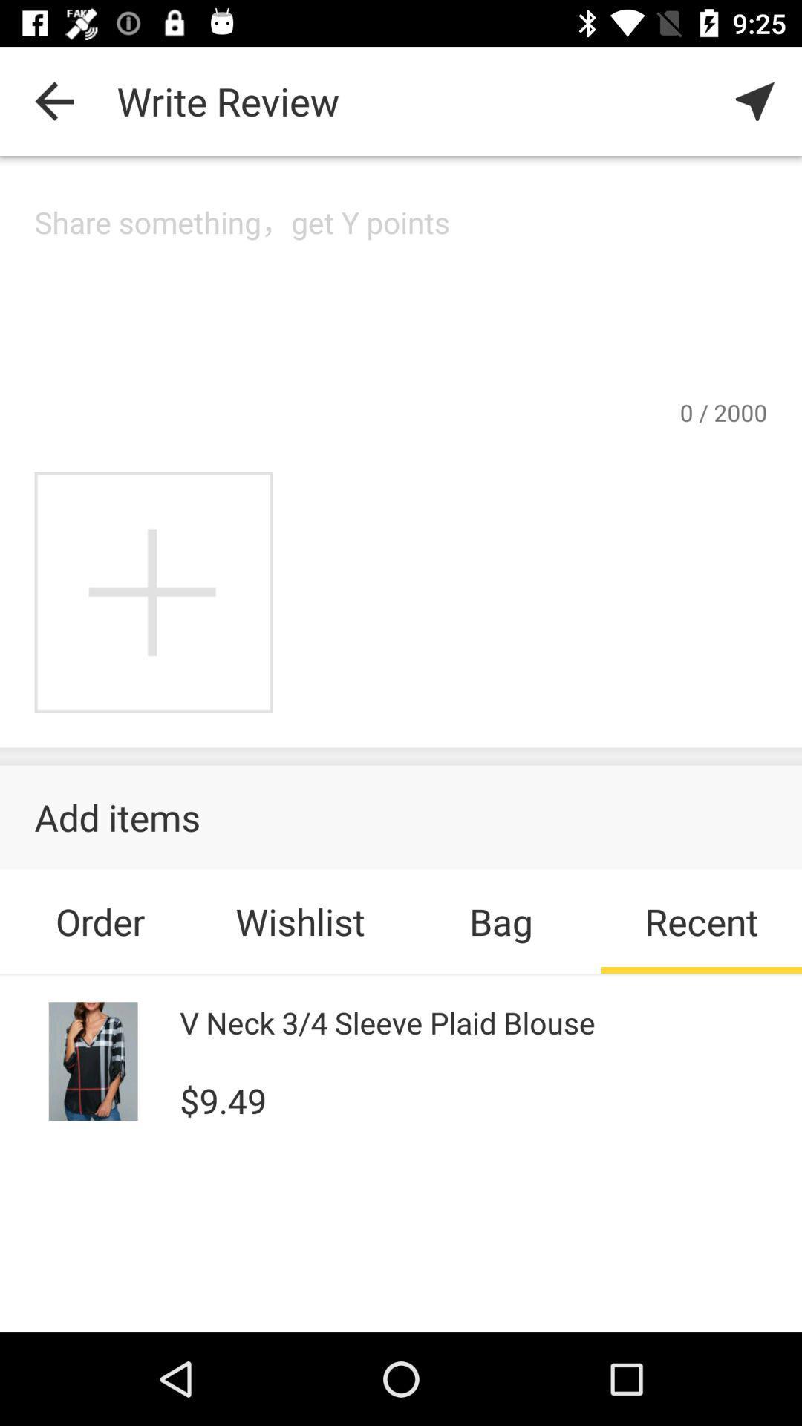 The height and width of the screenshot is (1426, 802). What do you see at coordinates (755, 100) in the screenshot?
I see `the item next to write review item` at bounding box center [755, 100].